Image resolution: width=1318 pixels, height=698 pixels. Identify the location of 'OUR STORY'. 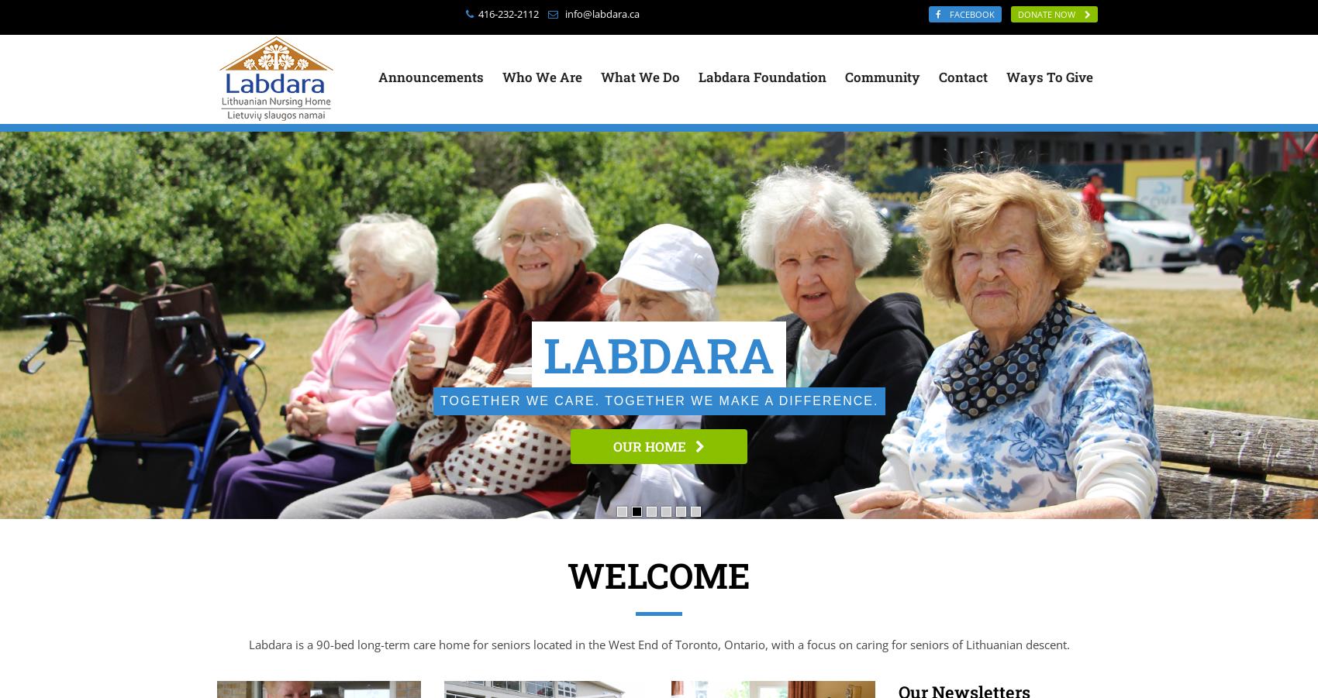
(654, 445).